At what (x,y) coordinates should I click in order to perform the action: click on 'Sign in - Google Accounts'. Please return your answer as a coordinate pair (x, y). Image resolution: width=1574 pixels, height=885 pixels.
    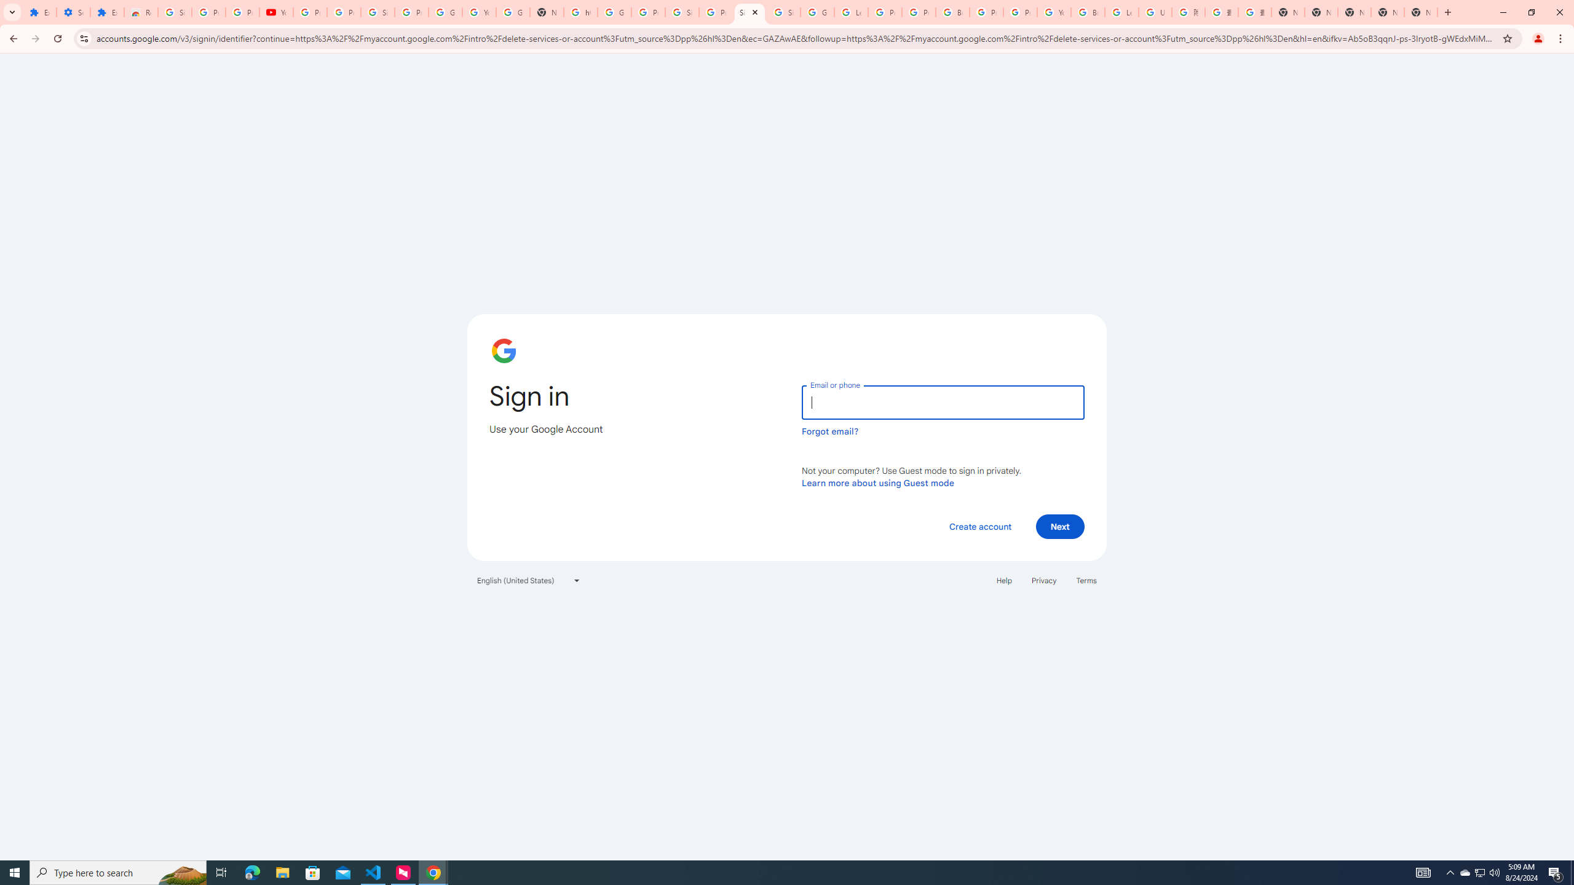
    Looking at the image, I should click on (749, 12).